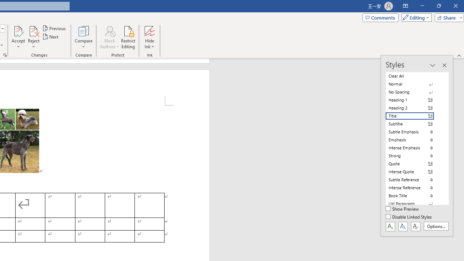  I want to click on 'Compare', so click(84, 37).